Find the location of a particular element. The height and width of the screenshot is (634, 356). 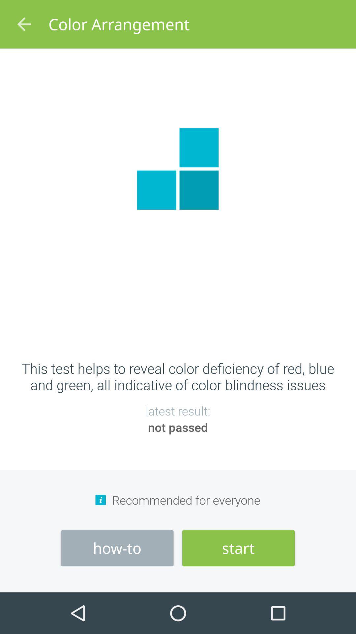

icon to the left of the color arrangement icon is located at coordinates (24, 24).